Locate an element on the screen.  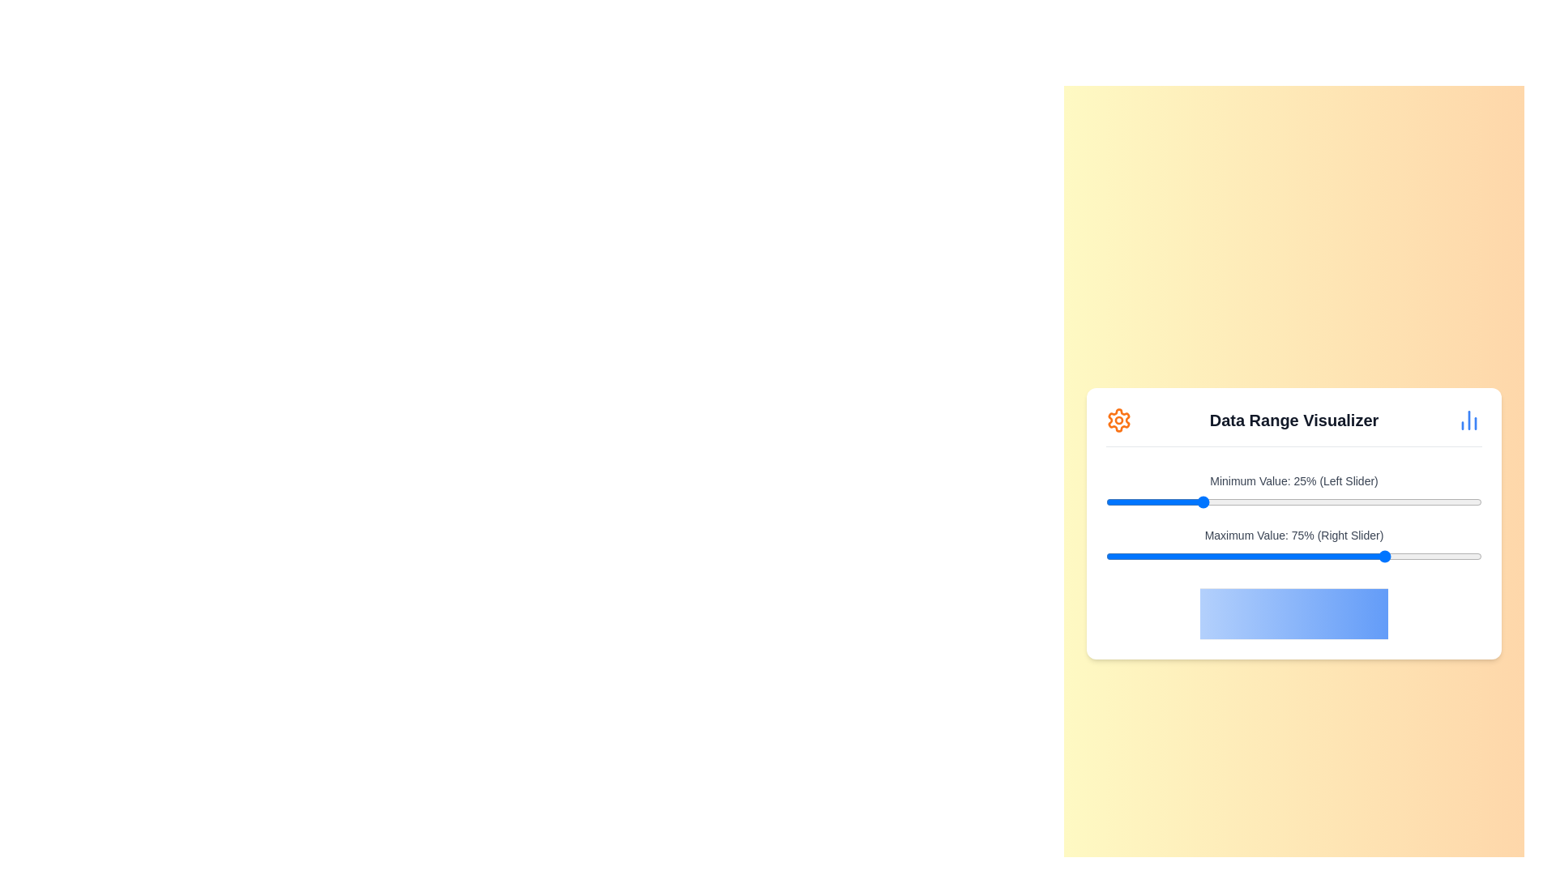
the text label that reads 'Minimum Value: 25% (Left Slider)', which is a smaller dark gray font in sans-serif typography, located above the left slider input element in the top-left quadrant of the widget box is located at coordinates (1293, 480).